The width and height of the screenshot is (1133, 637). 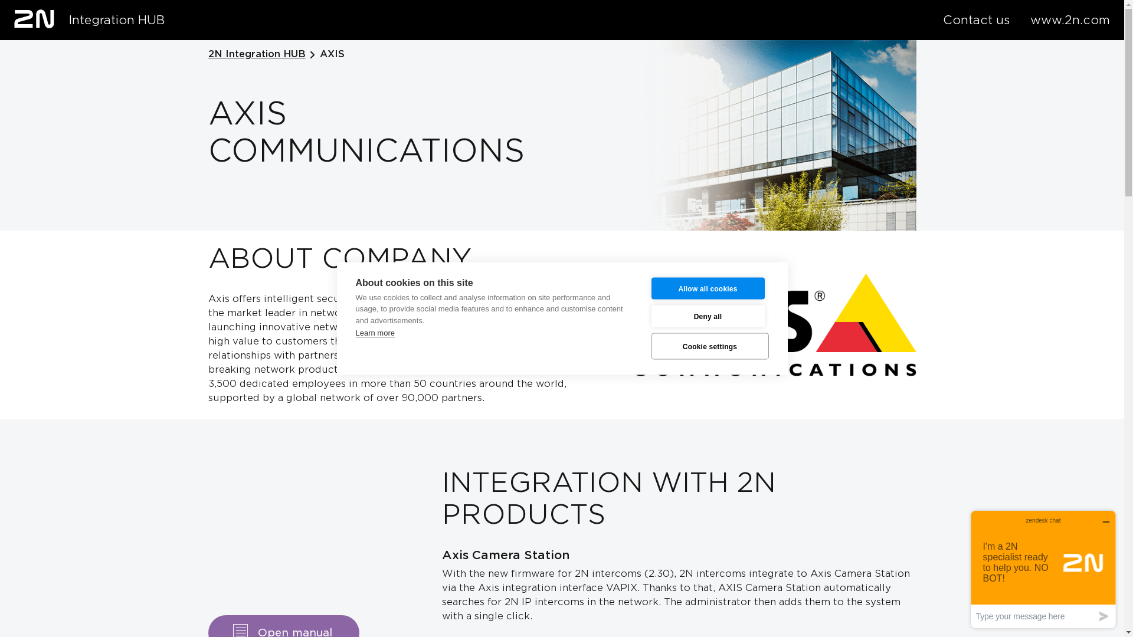 I want to click on '2N Integration HUB', so click(x=207, y=54).